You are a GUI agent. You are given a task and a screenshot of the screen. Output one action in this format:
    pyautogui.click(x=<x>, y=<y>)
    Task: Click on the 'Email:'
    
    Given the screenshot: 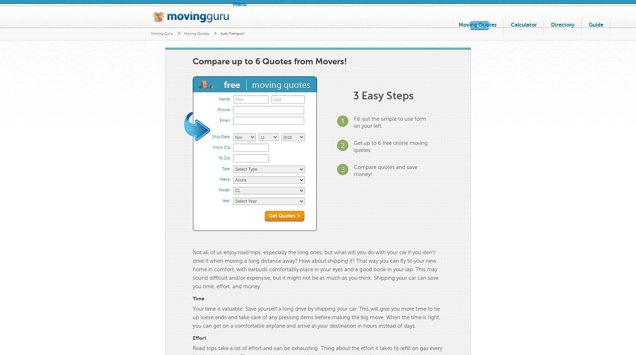 What is the action you would take?
    pyautogui.click(x=225, y=120)
    